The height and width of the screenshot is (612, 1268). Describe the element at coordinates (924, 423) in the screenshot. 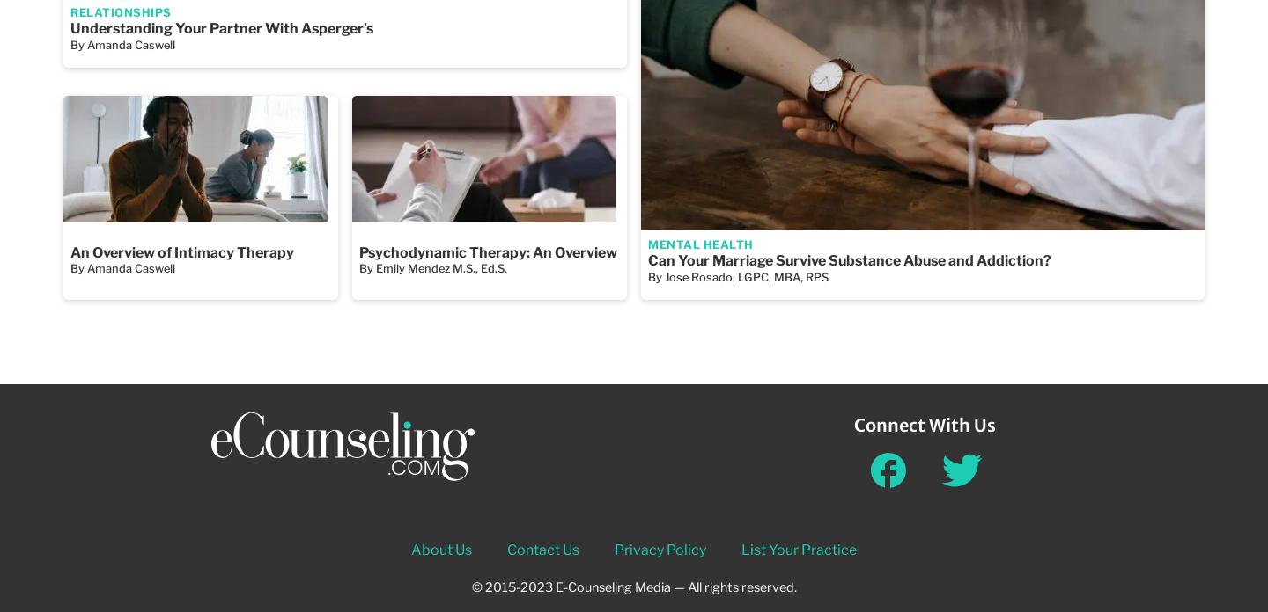

I see `'Connect With Us'` at that location.